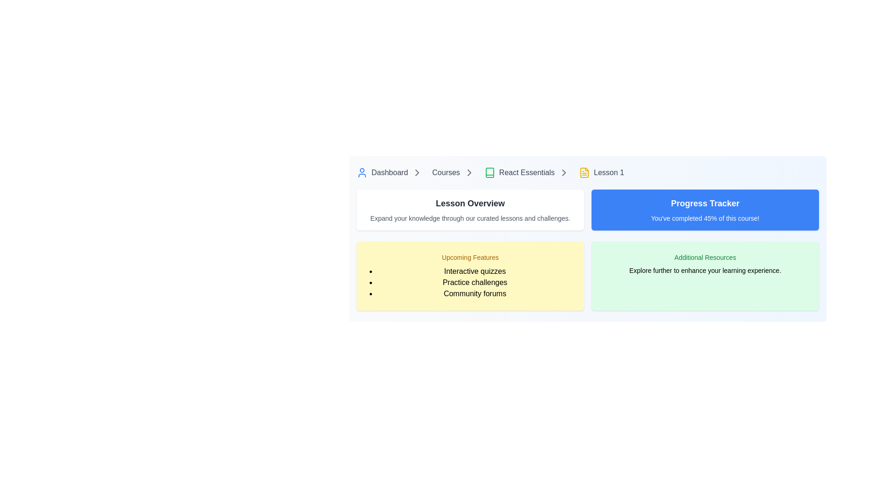 This screenshot has width=895, height=503. What do you see at coordinates (475, 271) in the screenshot?
I see `the static text element that serves as a label for features or topics, located in the light yellow box under 'Upcoming Features', specifically the first item in a vertically stacked bullet list` at bounding box center [475, 271].